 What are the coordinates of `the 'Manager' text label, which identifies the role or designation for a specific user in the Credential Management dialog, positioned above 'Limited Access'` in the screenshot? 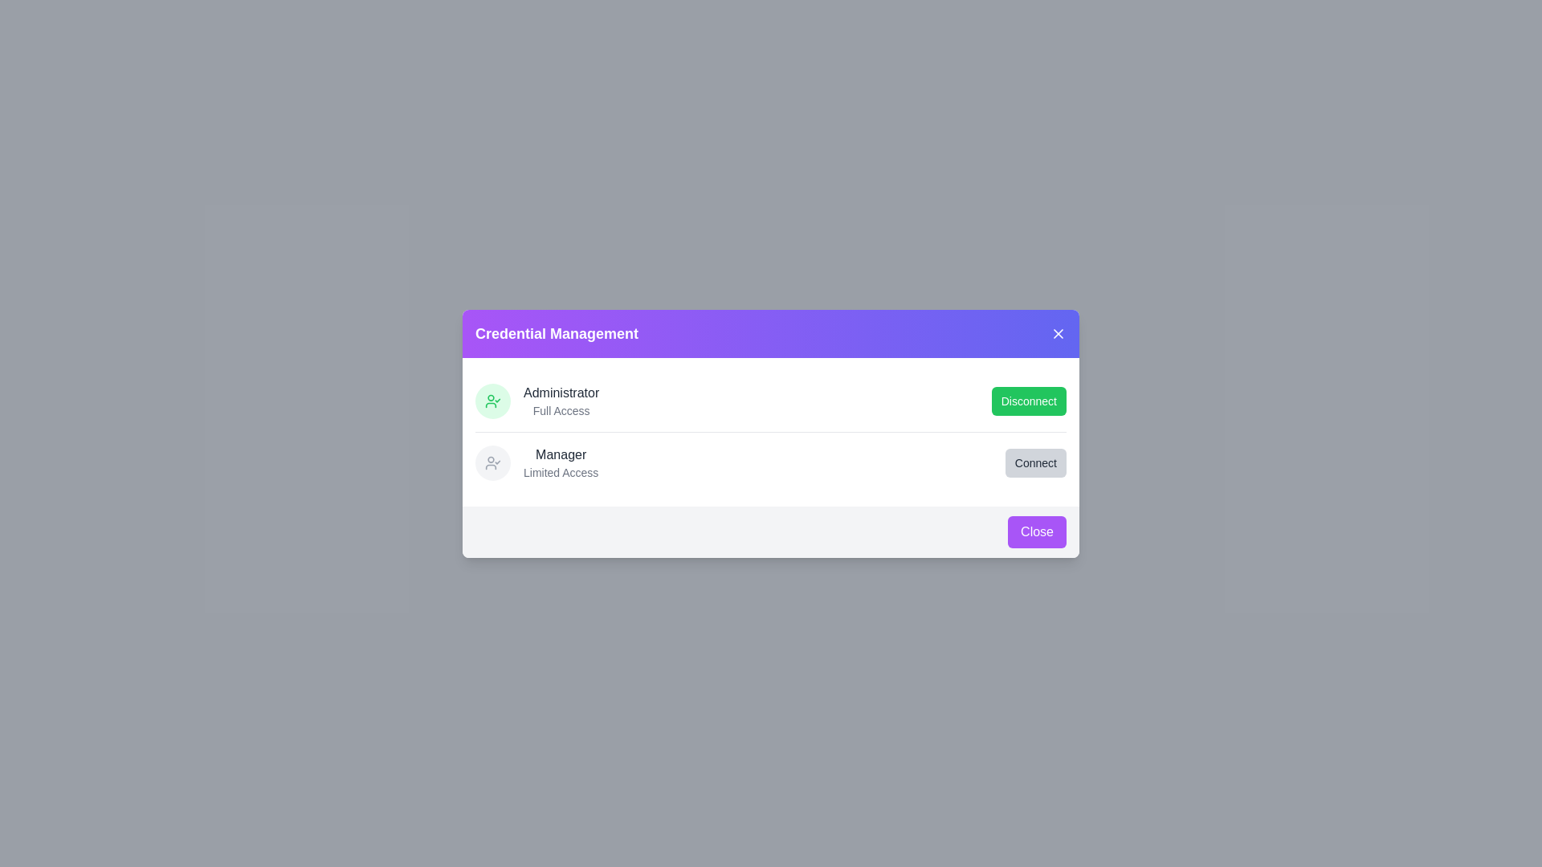 It's located at (561, 454).